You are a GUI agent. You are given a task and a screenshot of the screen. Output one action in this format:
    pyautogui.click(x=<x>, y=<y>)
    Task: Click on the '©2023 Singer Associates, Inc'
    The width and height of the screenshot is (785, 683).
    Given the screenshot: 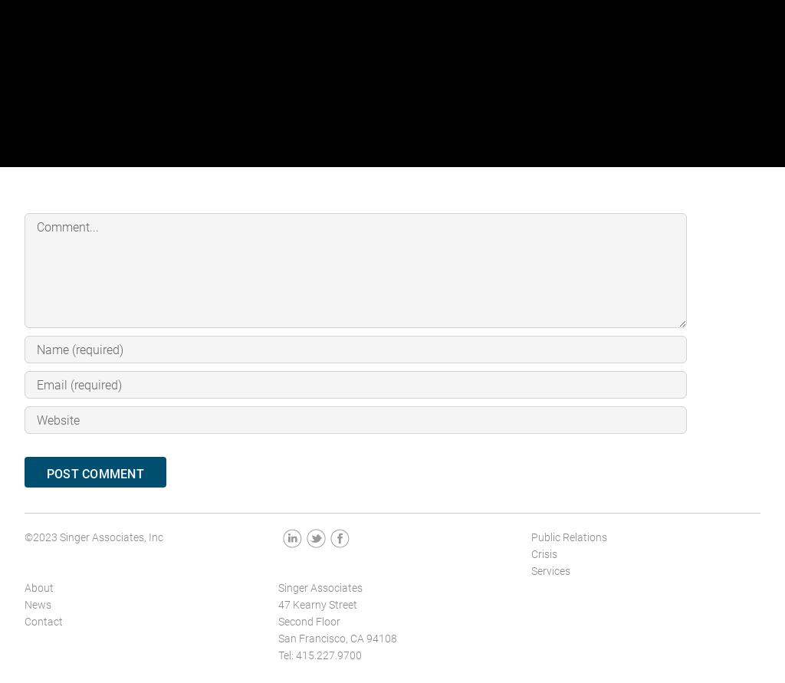 What is the action you would take?
    pyautogui.click(x=94, y=537)
    